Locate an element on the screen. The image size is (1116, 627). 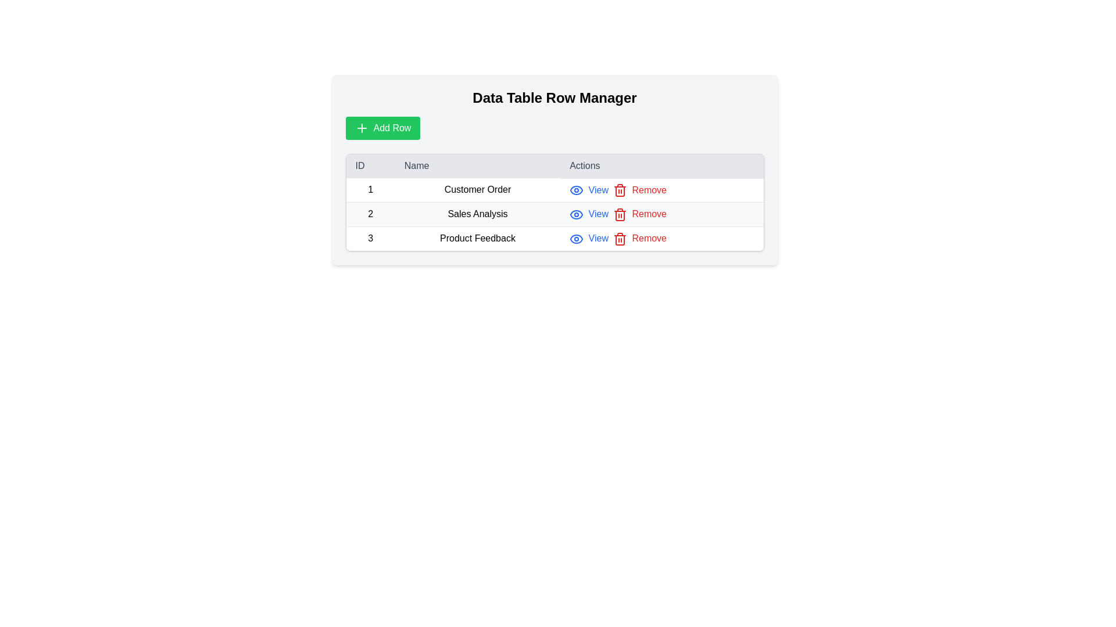
the hyperlink in the 'Actions' column of the 'Sales Analysis' row is located at coordinates (589, 214).